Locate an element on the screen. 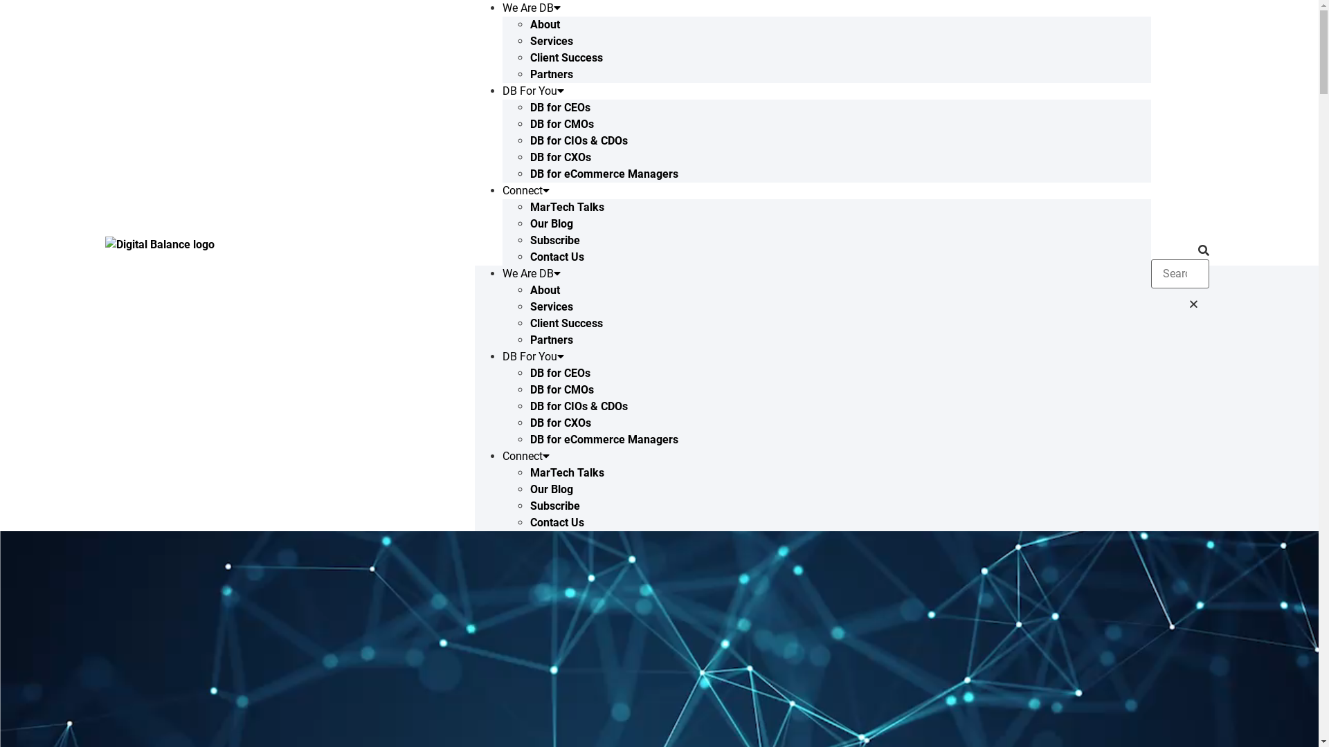 The width and height of the screenshot is (1329, 747). 'DB for CEOs' is located at coordinates (560, 107).